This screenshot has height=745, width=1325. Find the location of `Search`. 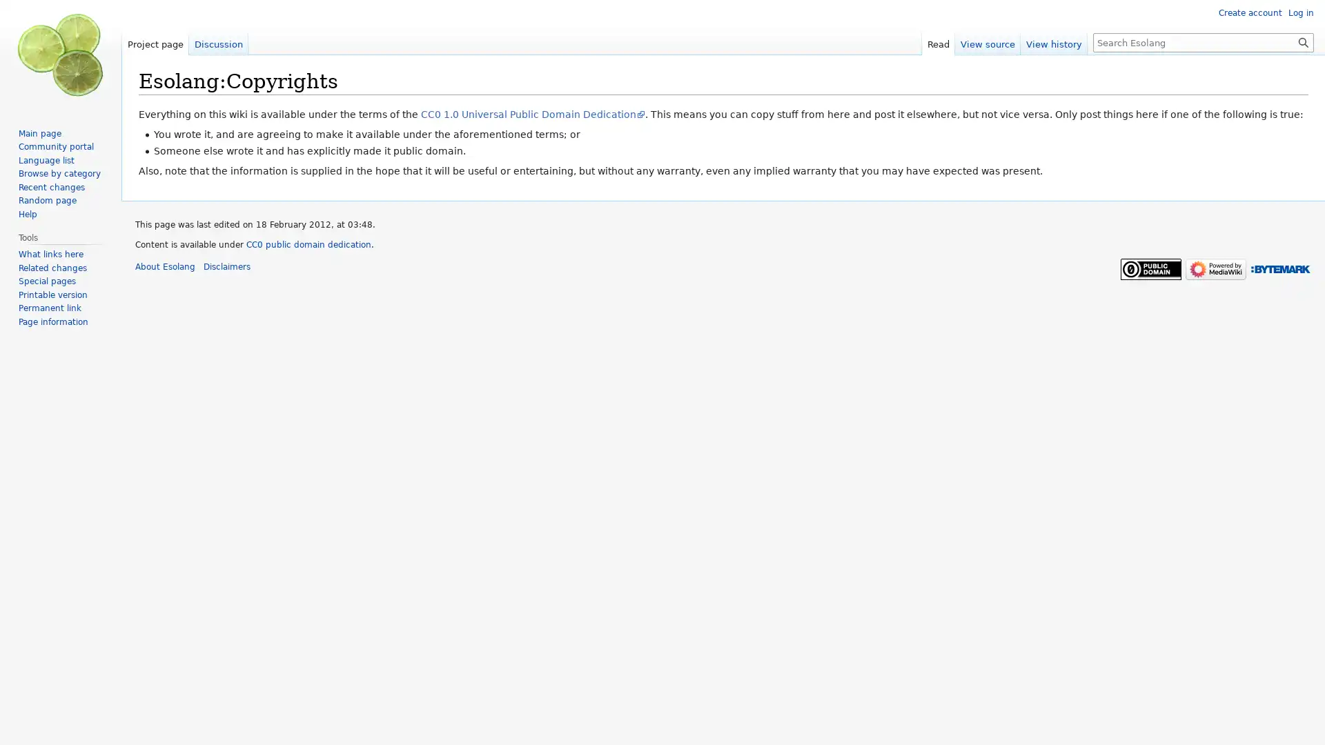

Search is located at coordinates (1303, 41).